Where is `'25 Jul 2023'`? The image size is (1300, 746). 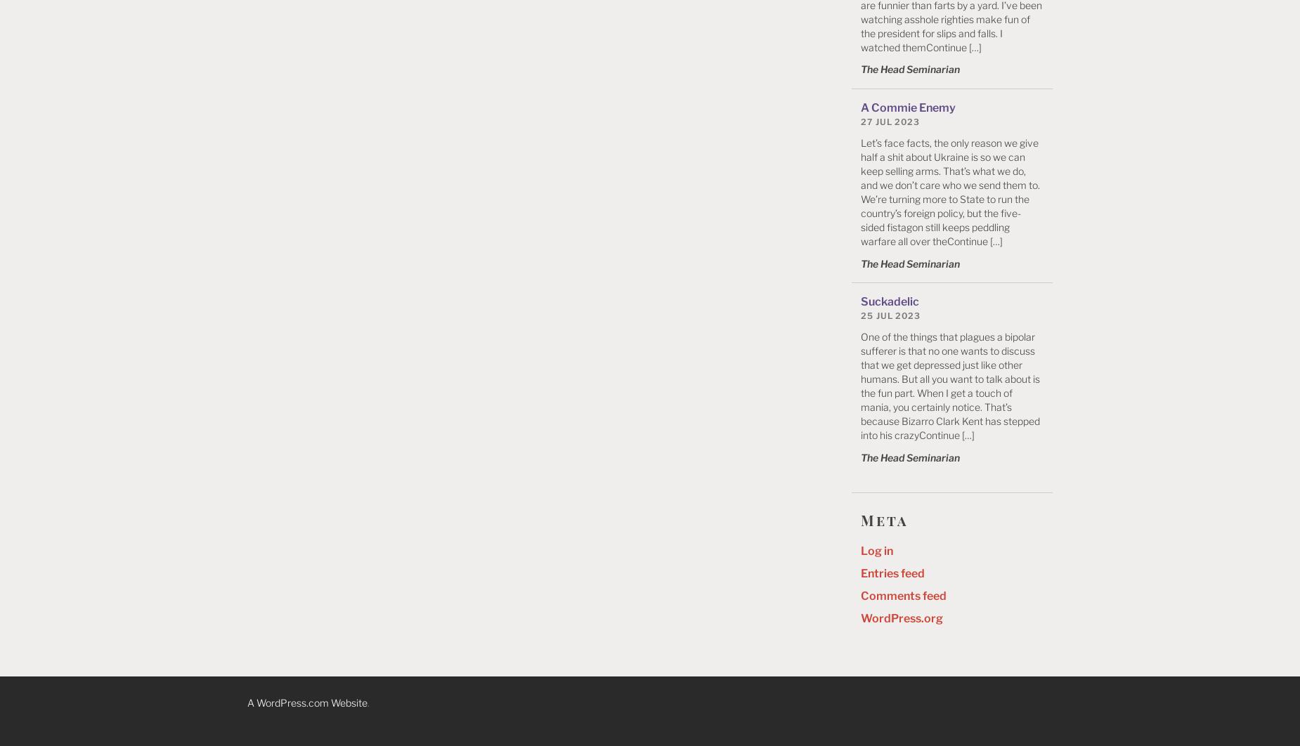
'25 Jul 2023' is located at coordinates (890, 315).